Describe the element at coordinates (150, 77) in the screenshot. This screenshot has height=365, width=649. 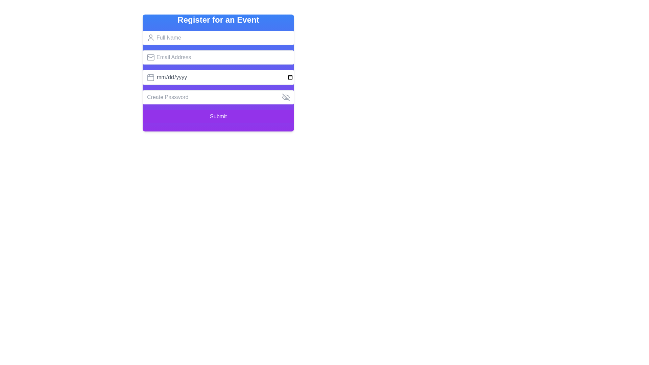
I see `the date selection icon located to the left of the date input field in the third row of the registration form under the 'Email Address' field` at that location.